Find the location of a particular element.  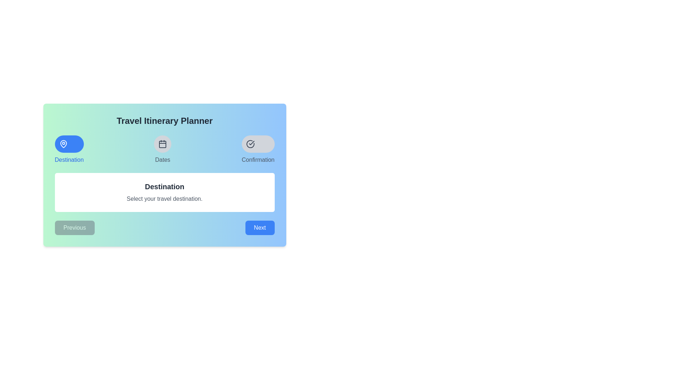

the 'Previous' button is located at coordinates (74, 228).